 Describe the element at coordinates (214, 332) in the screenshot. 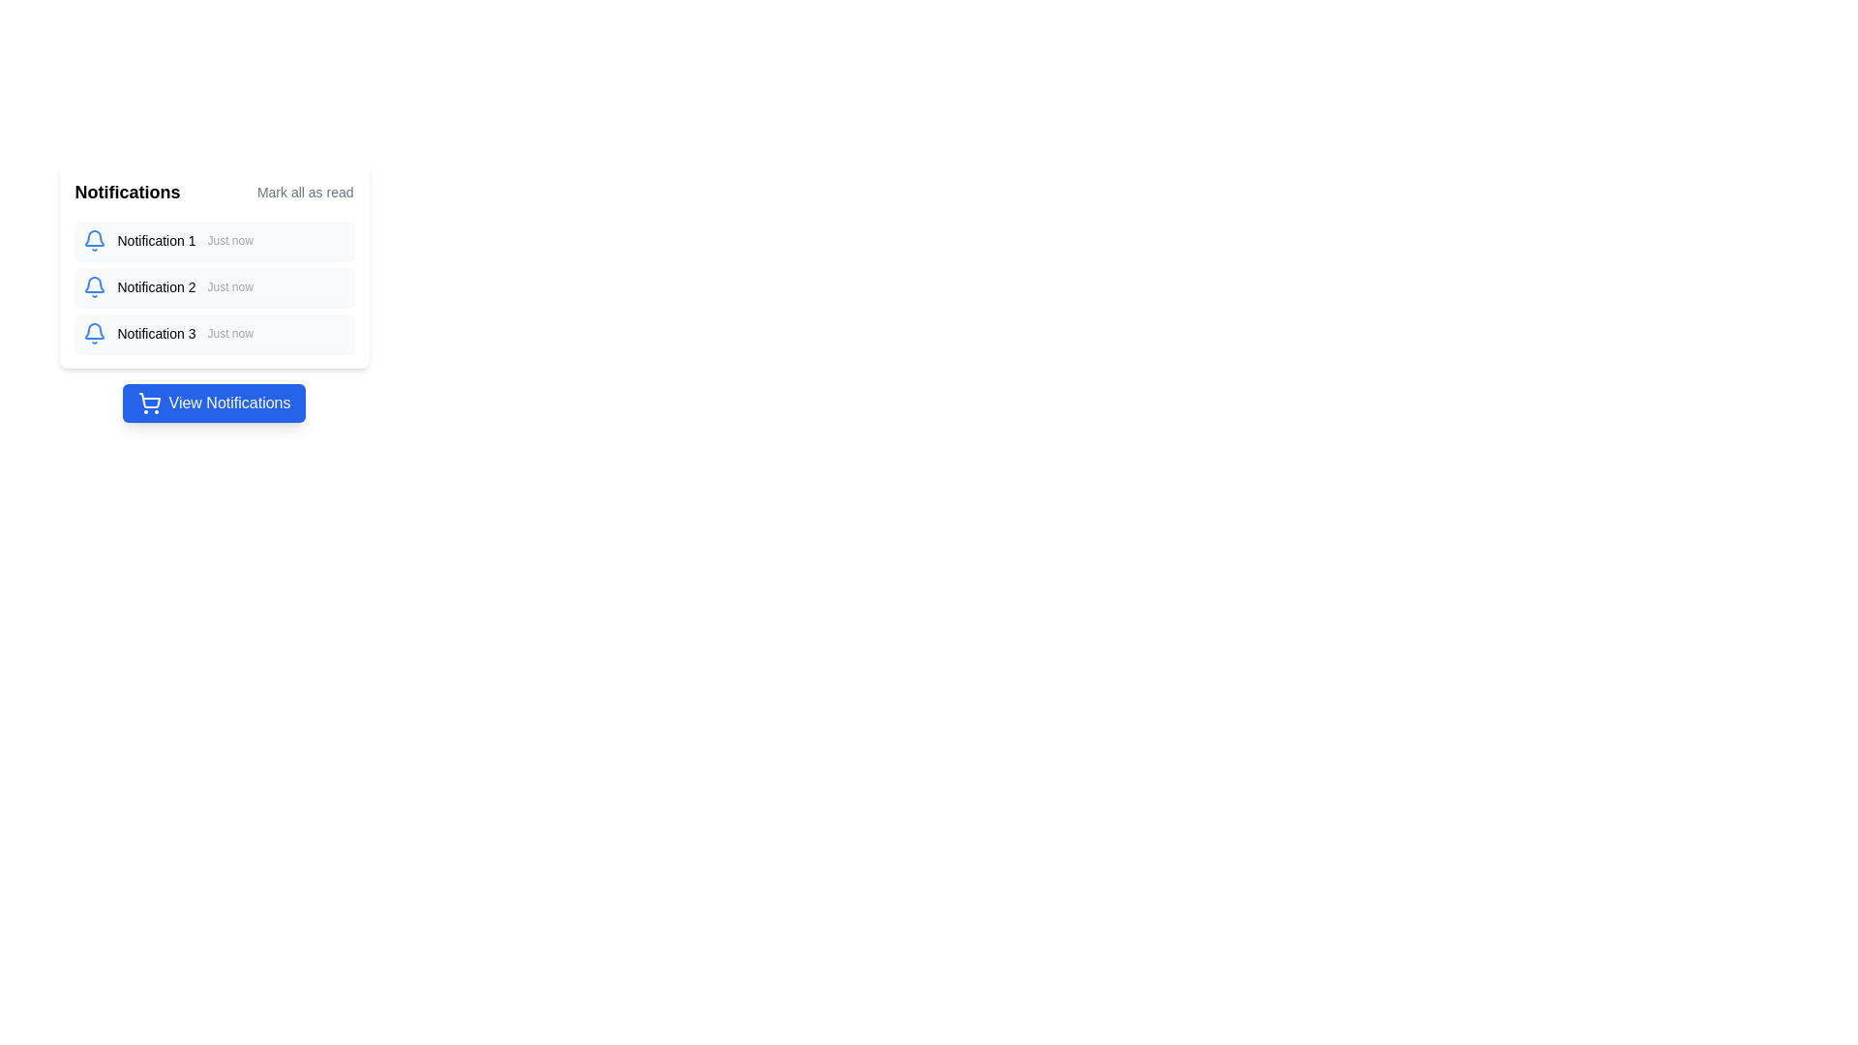

I see `the third notification item in the list` at that location.